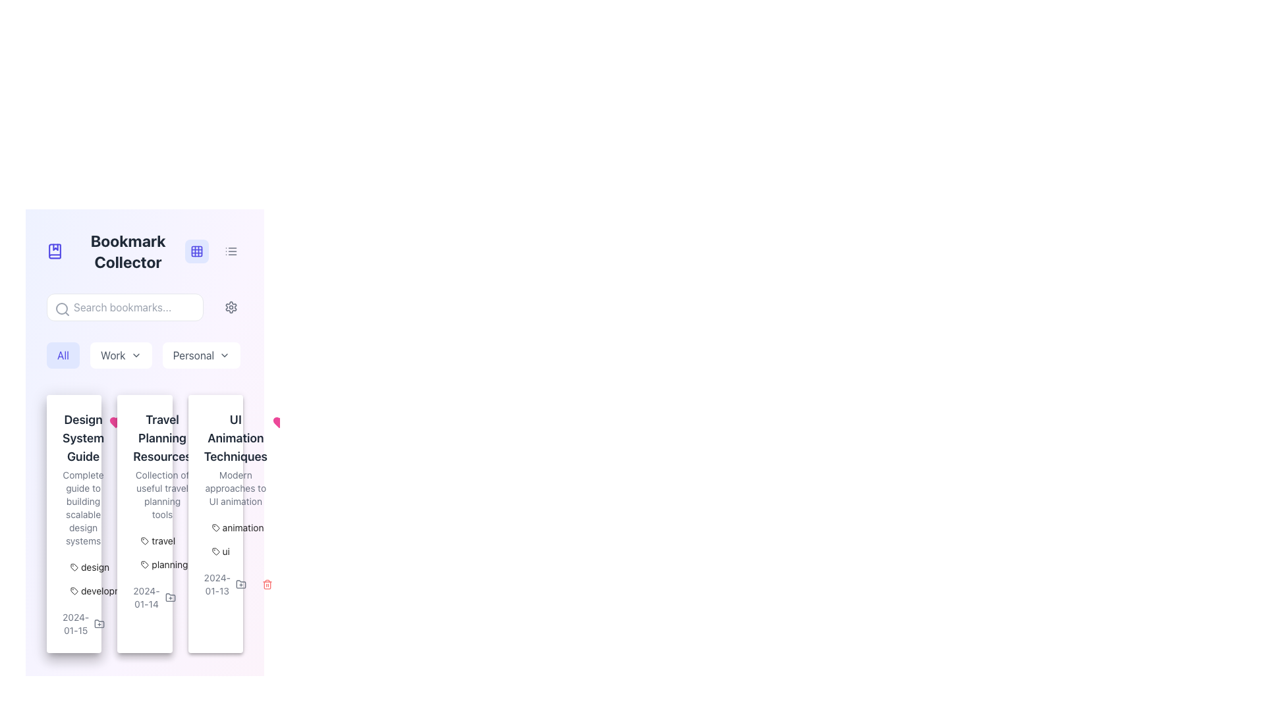  Describe the element at coordinates (145, 251) in the screenshot. I see `the primary title label located at the top of the interface, which indicates the application or section name` at that location.